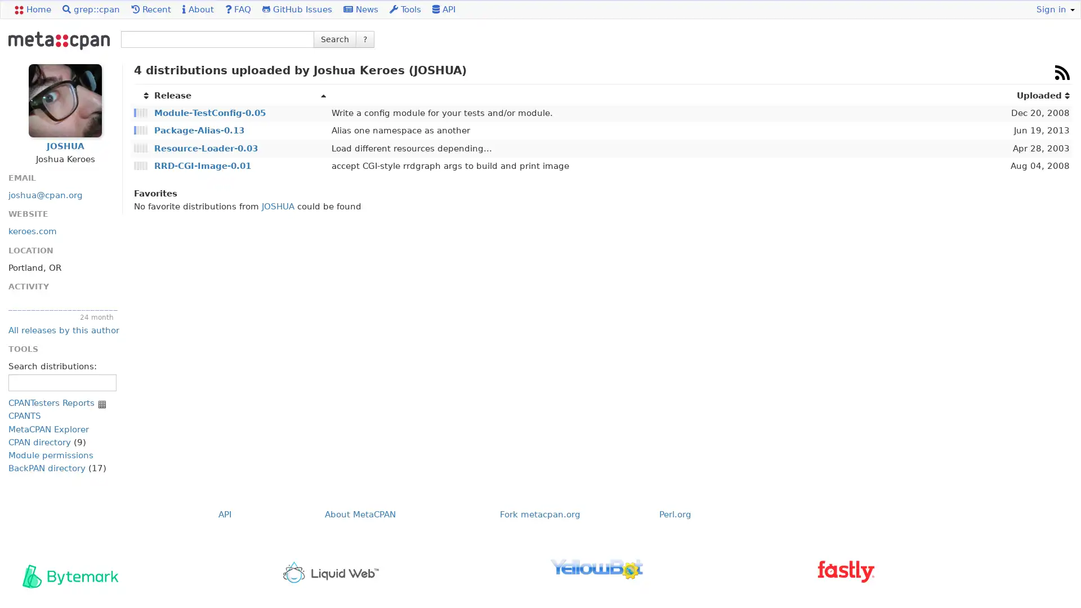  What do you see at coordinates (334, 38) in the screenshot?
I see `Search` at bounding box center [334, 38].